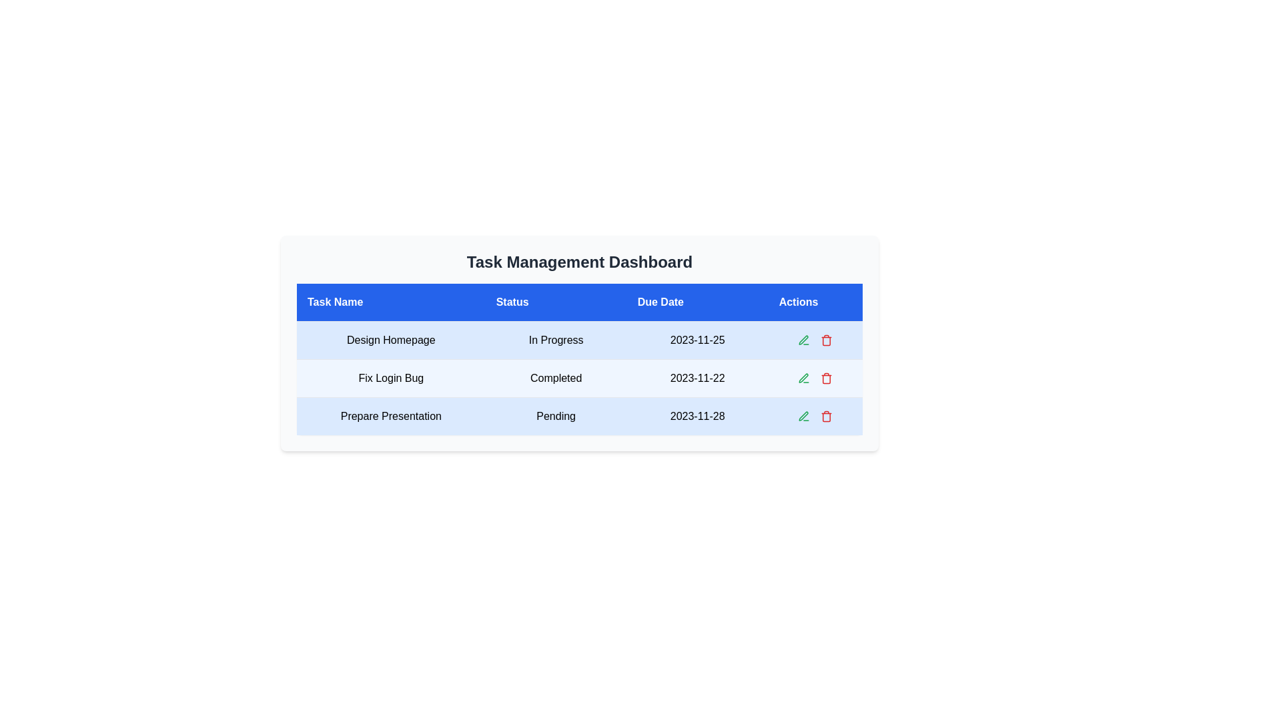 The width and height of the screenshot is (1281, 721). Describe the element at coordinates (697, 339) in the screenshot. I see `the text label displaying the date '2023-11-25' in the Due Date column of the table` at that location.